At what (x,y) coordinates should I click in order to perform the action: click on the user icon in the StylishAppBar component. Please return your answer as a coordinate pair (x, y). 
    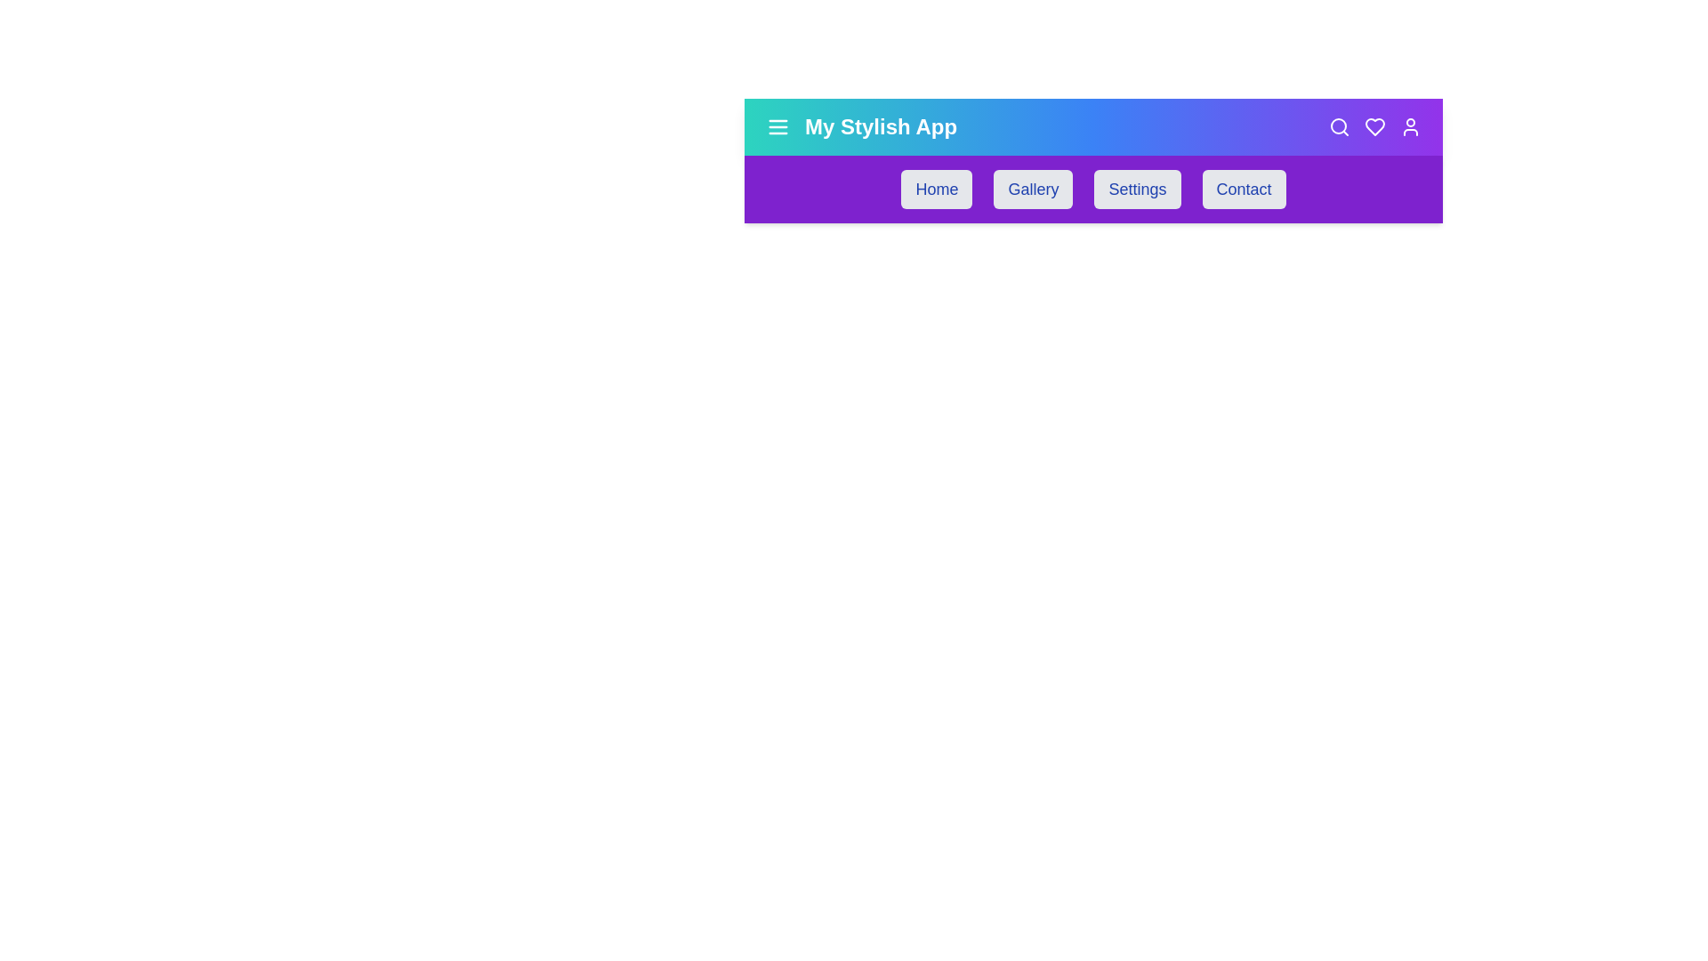
    Looking at the image, I should click on (1409, 125).